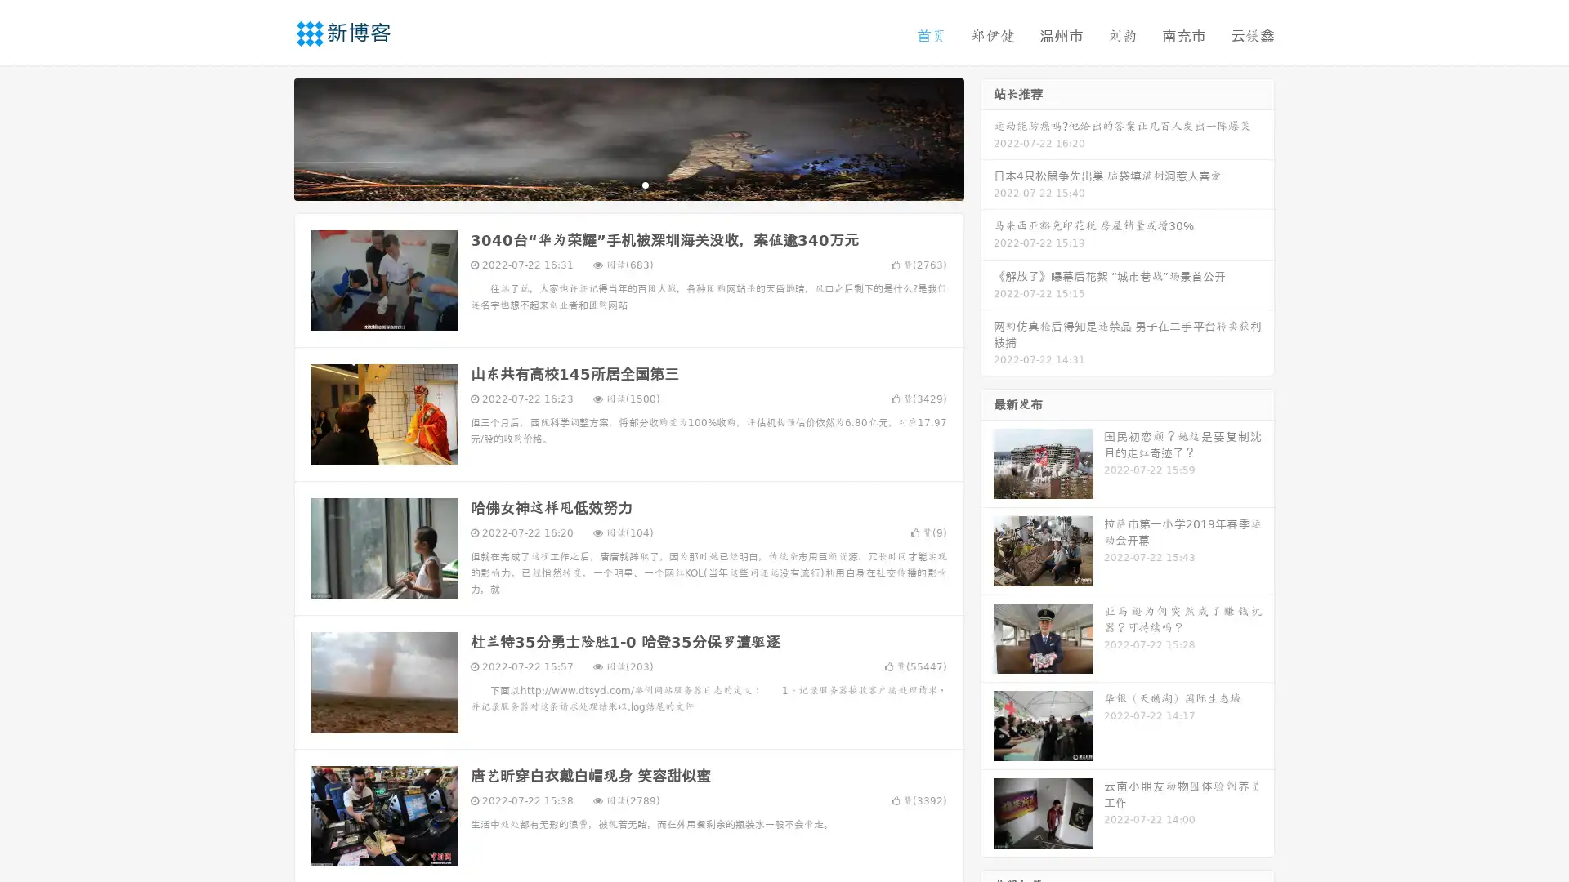 This screenshot has width=1569, height=882. What do you see at coordinates (645, 184) in the screenshot?
I see `Go to slide 3` at bounding box center [645, 184].